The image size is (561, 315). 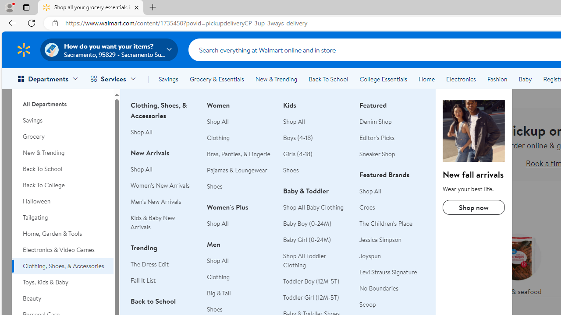 I want to click on 'Tailgating', so click(x=62, y=217).